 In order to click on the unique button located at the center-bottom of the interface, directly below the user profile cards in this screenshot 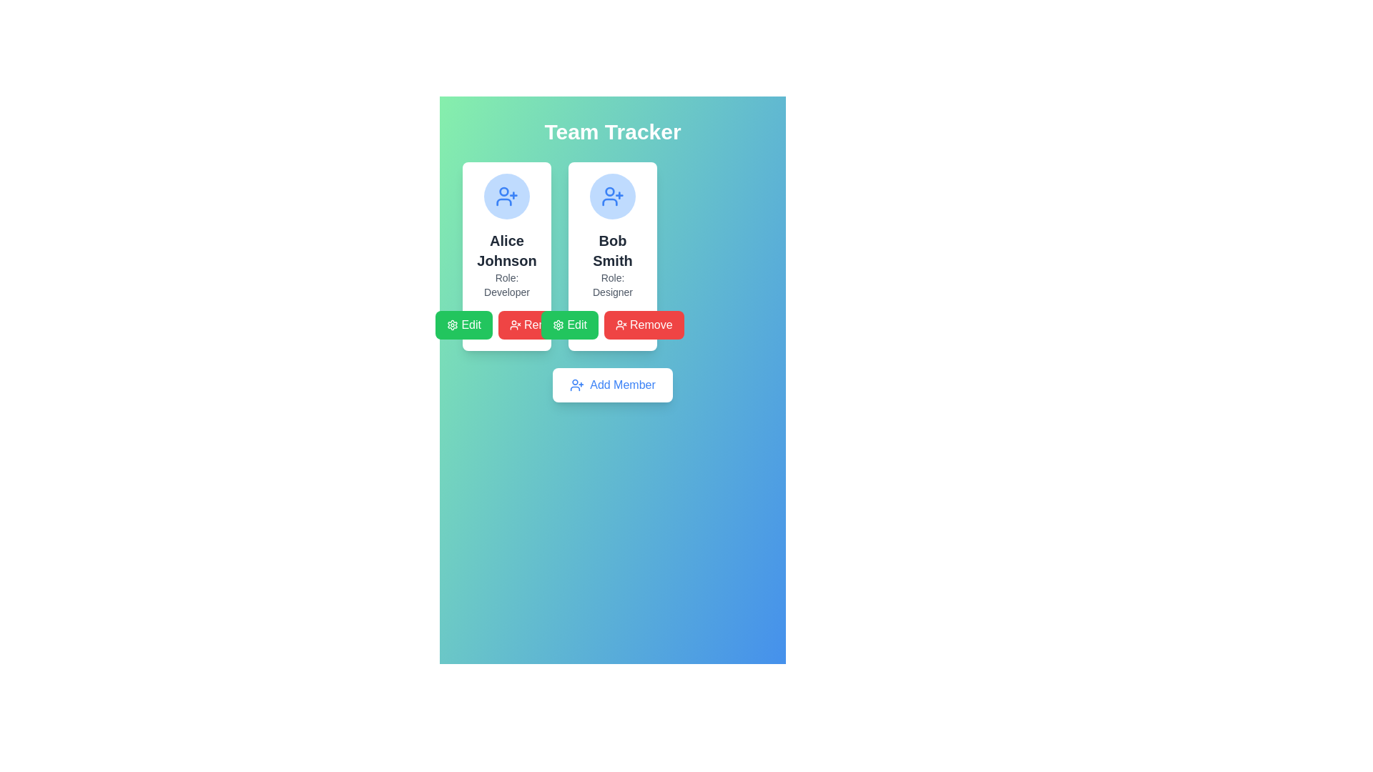, I will do `click(613, 385)`.